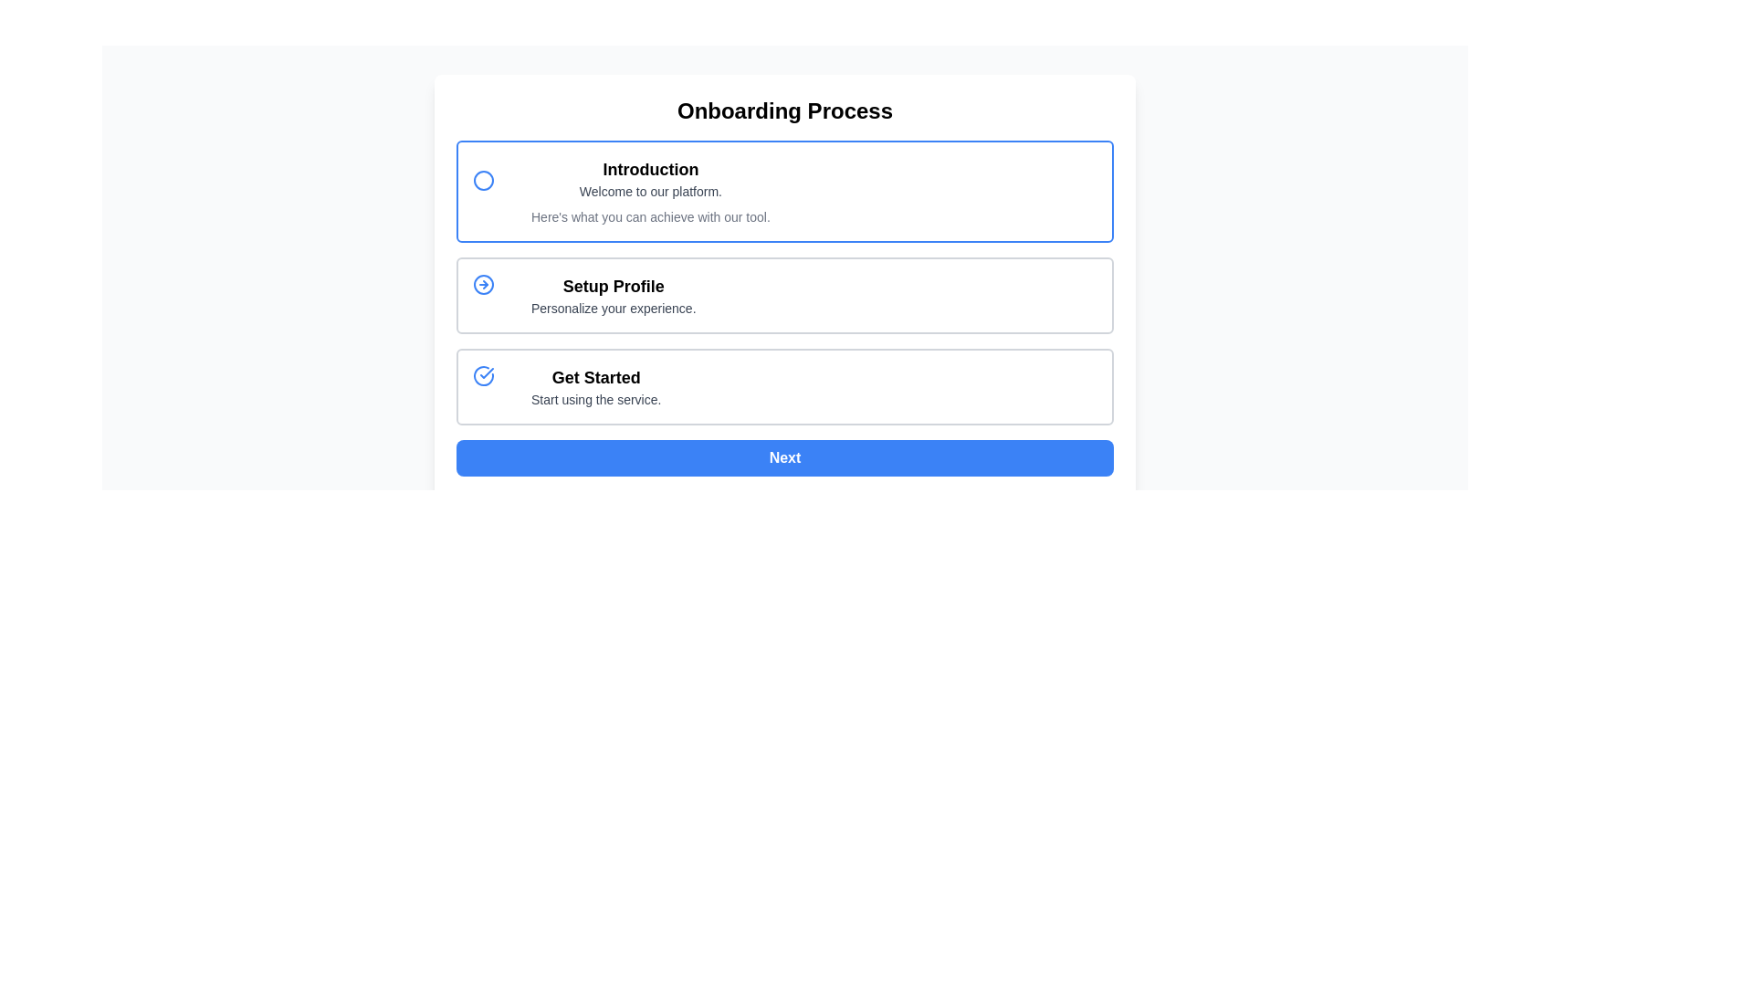  What do you see at coordinates (596, 386) in the screenshot?
I see `text block that contains the bold 'Get Started' and the lighter 'Start using the service.' located at the bottom section of a vertically stacked list` at bounding box center [596, 386].